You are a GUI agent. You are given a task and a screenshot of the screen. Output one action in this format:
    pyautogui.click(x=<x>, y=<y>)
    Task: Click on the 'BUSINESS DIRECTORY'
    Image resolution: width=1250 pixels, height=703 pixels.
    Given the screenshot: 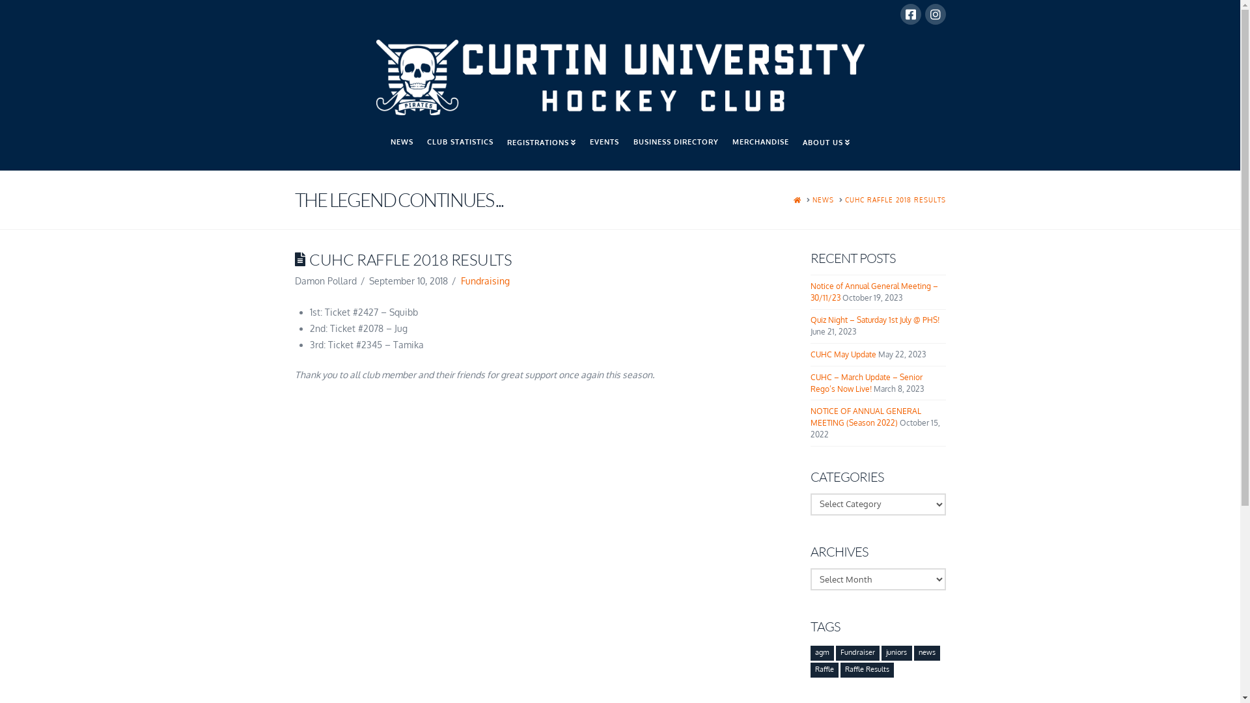 What is the action you would take?
    pyautogui.click(x=675, y=147)
    